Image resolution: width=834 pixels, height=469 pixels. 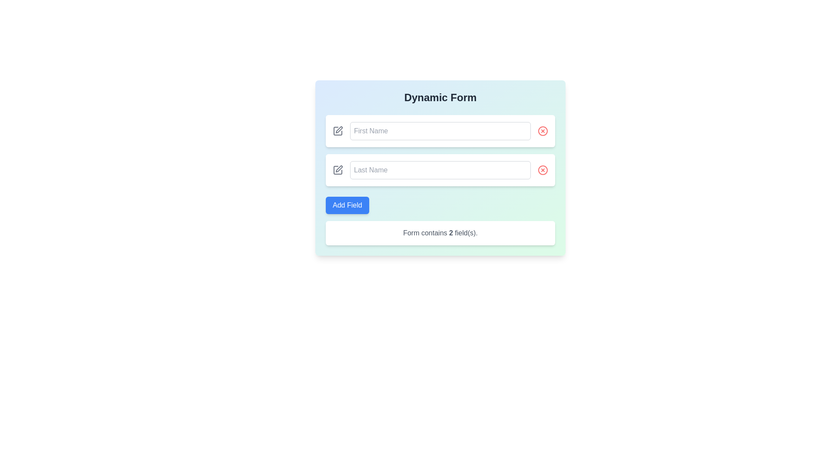 I want to click on the informational text block that states 'Form contains 2 field(s).' which is centrally aligned and positioned below the 'Add Field' button, so click(x=440, y=232).